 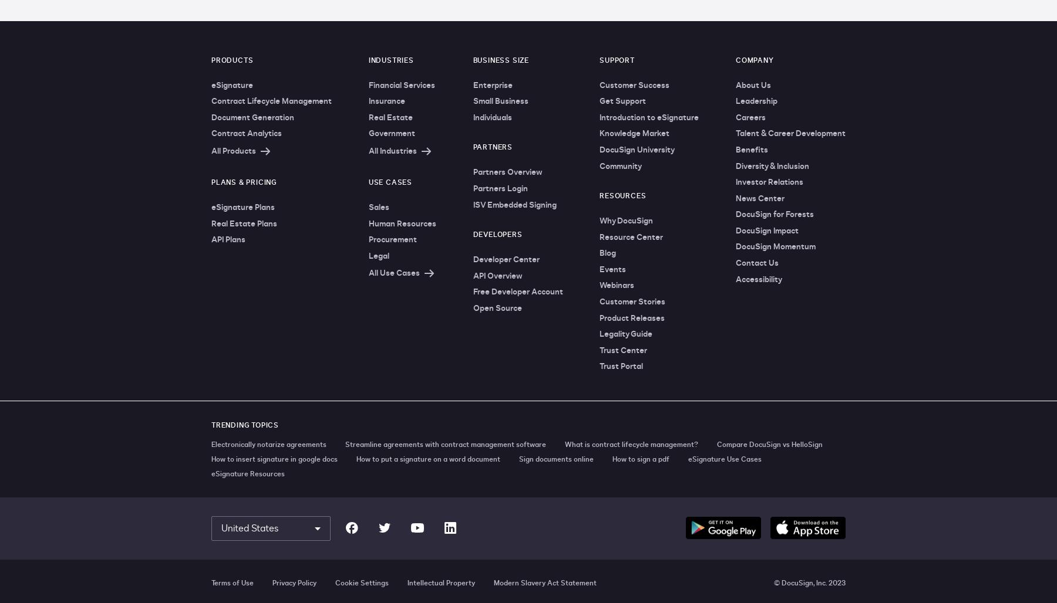 I want to click on 'All Use Cases', so click(x=393, y=272).